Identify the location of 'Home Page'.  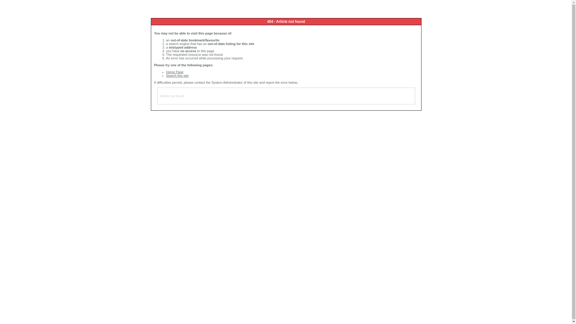
(166, 71).